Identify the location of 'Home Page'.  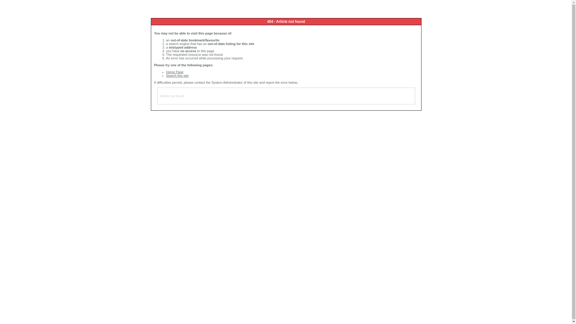
(166, 71).